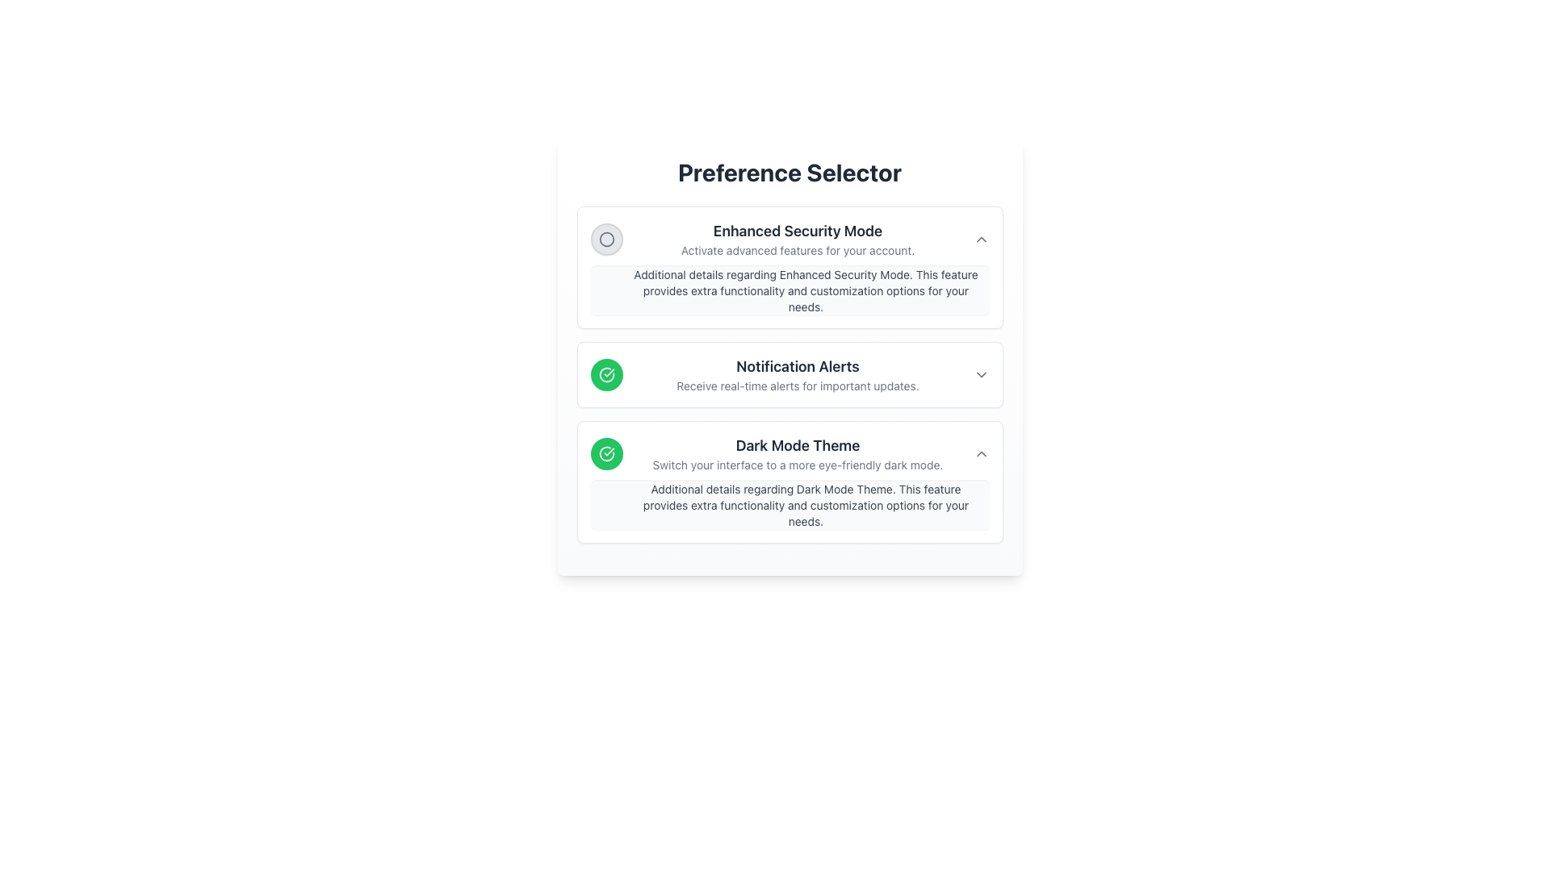 The width and height of the screenshot is (1550, 871). I want to click on the Text Label that provides contextual information for the 'Dark Mode Theme' setting, located under the 'Dark Mode Theme' heading as the second line of content, so click(798, 465).